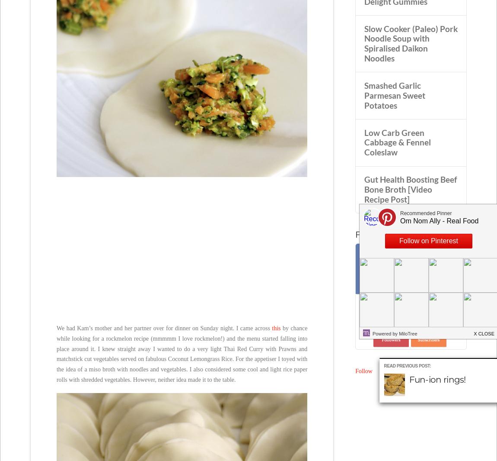 Image resolution: width=497 pixels, height=461 pixels. Describe the element at coordinates (373, 274) in the screenshot. I see `'5,204'` at that location.